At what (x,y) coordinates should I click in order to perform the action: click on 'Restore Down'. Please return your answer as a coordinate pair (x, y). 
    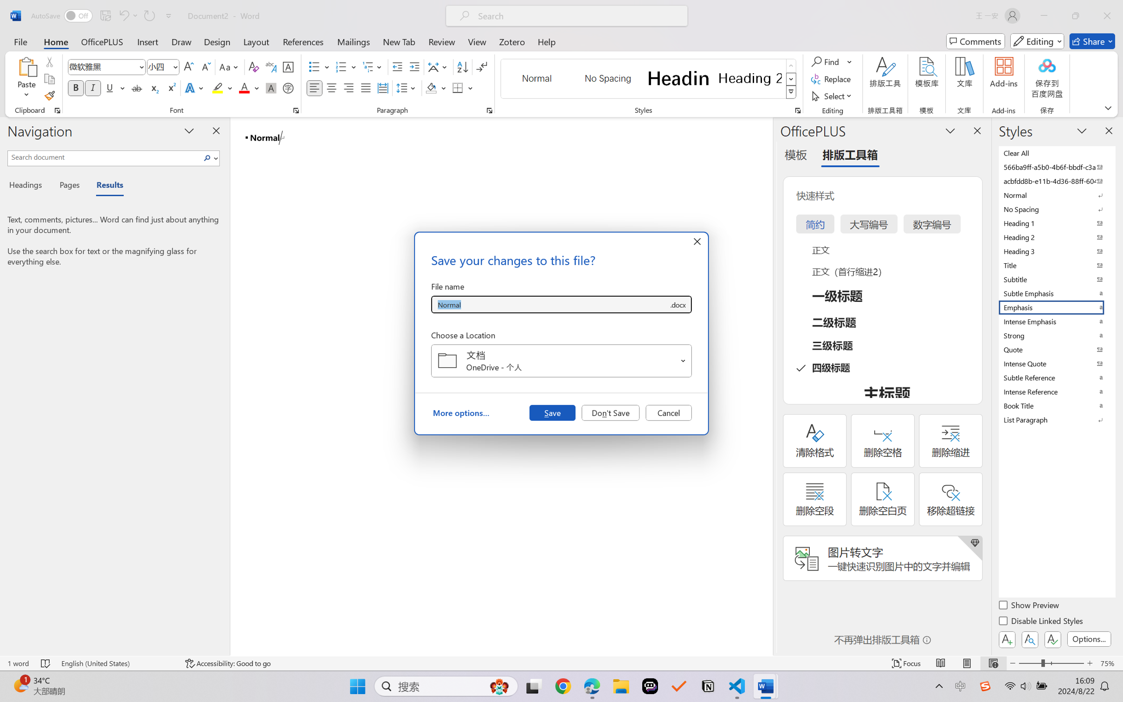
    Looking at the image, I should click on (1076, 15).